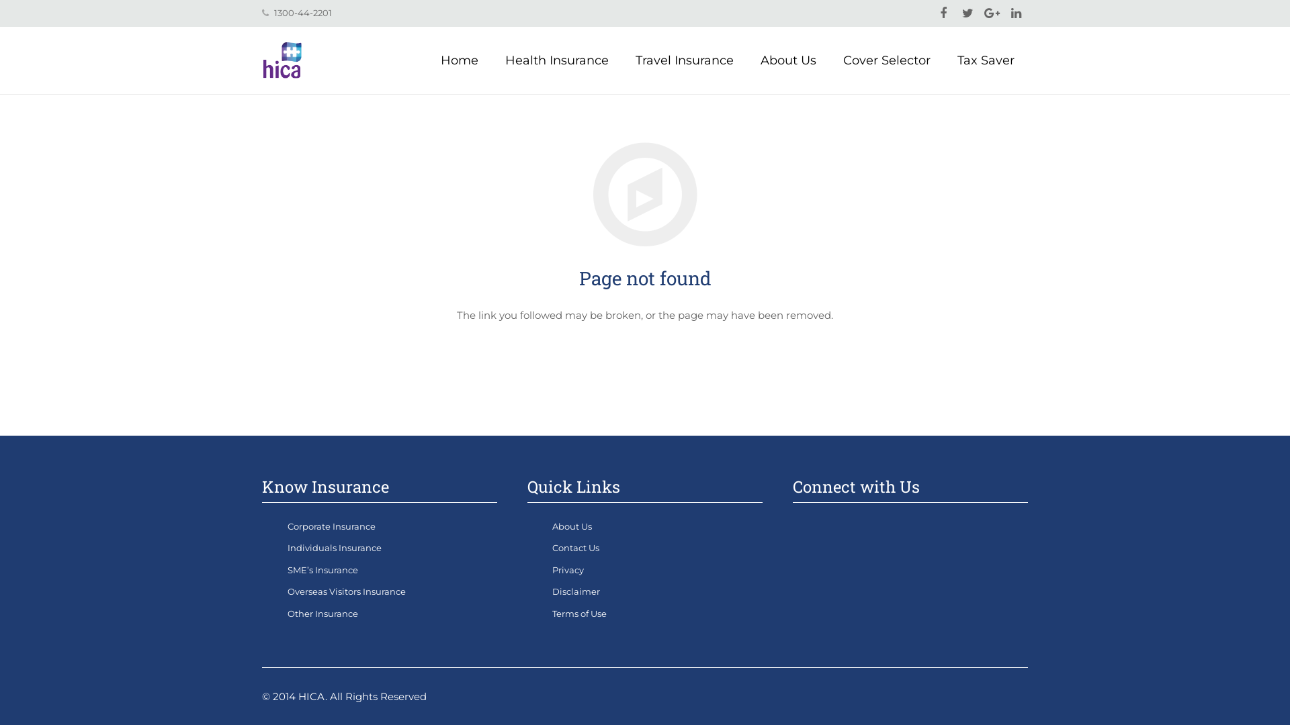  I want to click on 'Other Insurance', so click(322, 614).